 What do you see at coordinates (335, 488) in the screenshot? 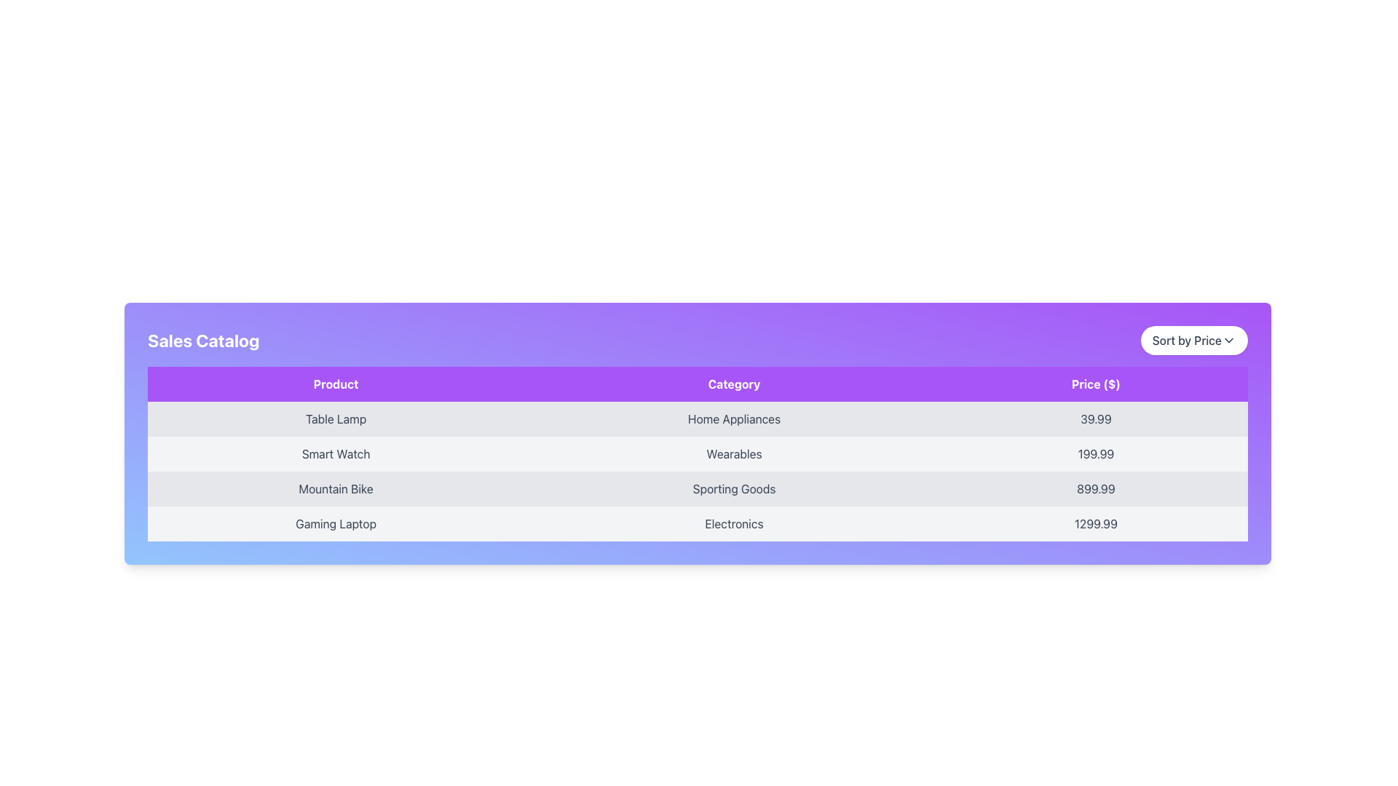
I see `text content of the product name in the third row of the table under the 'Product' header, which represents a product in the 'Sporting Goods' category` at bounding box center [335, 488].